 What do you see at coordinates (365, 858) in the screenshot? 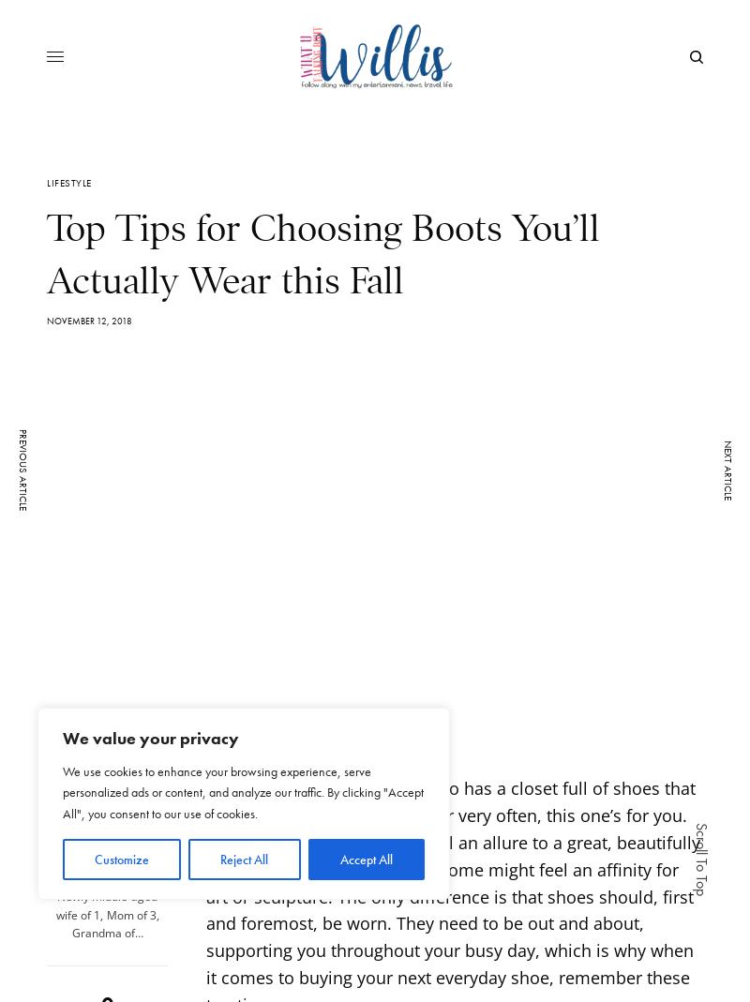
I see `'Accept All'` at bounding box center [365, 858].